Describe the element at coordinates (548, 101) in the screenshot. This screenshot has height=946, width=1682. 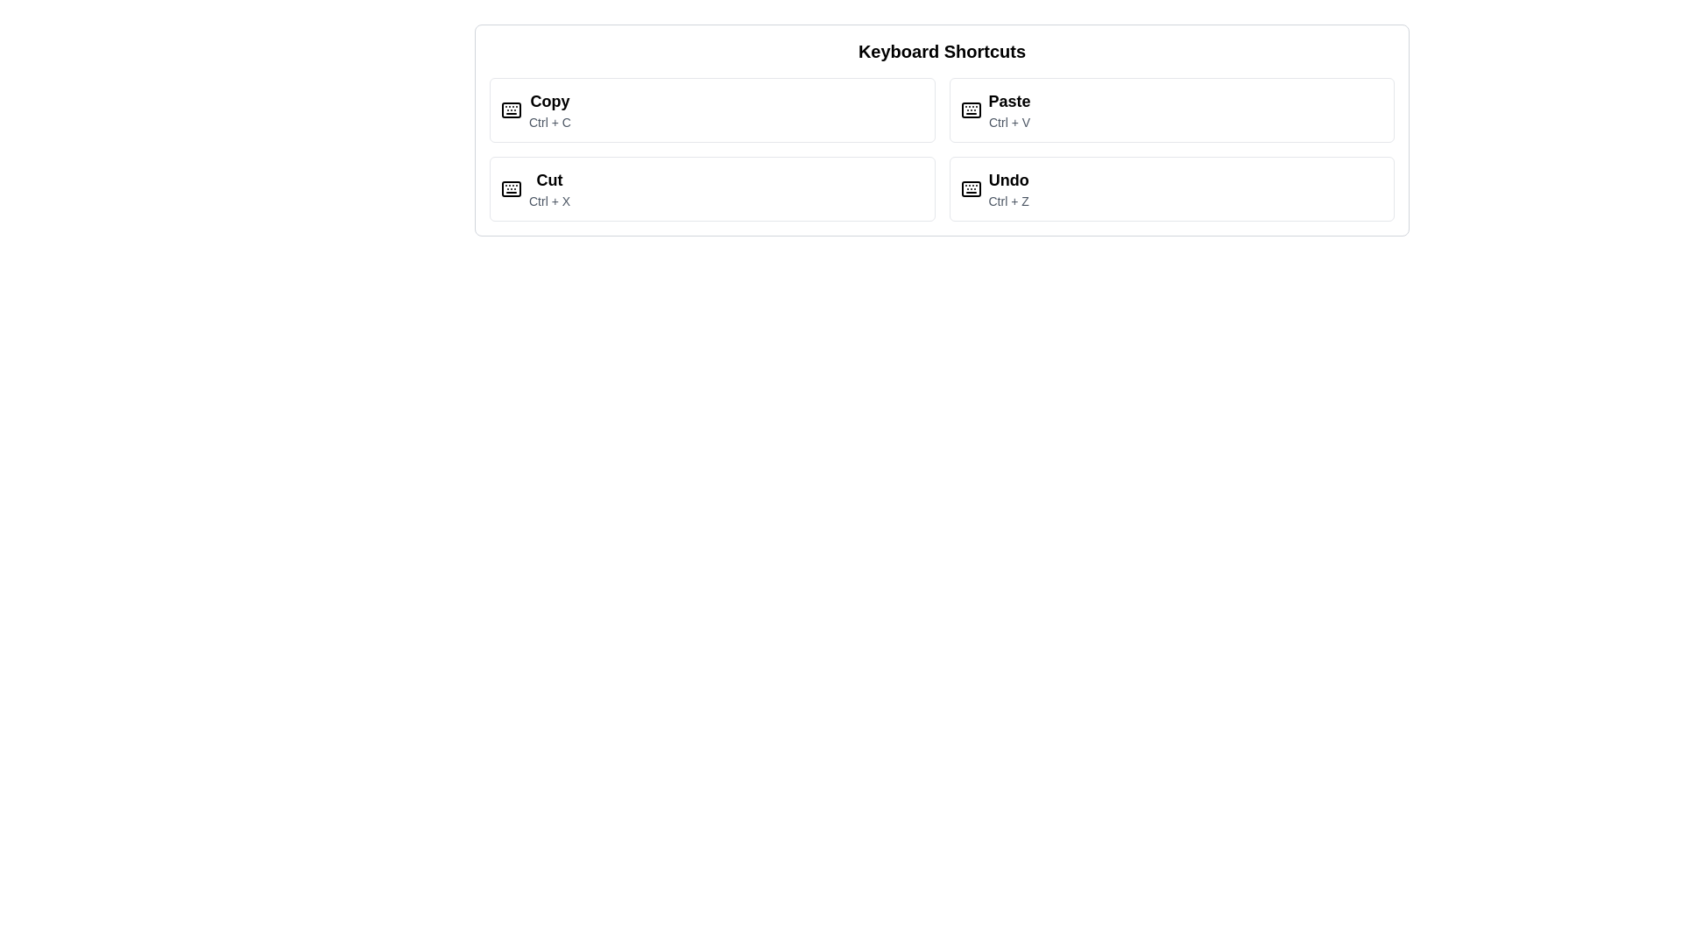
I see `the 'Copy' text label that indicates the keyboard shortcut for copying, located in the top-left corner of the shortcuts group` at that location.